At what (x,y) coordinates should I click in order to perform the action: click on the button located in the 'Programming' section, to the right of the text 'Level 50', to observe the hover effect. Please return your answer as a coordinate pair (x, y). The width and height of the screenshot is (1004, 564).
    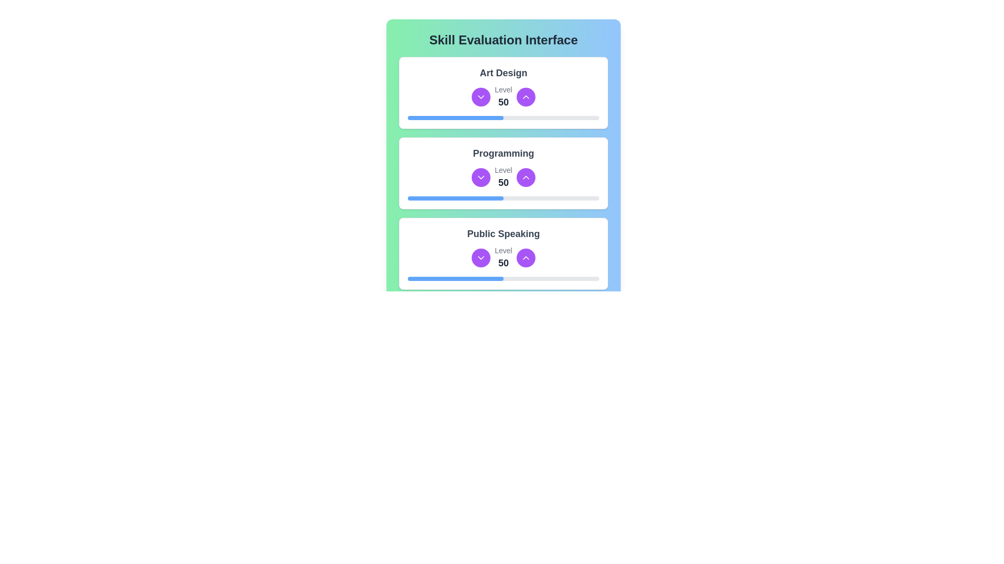
    Looking at the image, I should click on (526, 177).